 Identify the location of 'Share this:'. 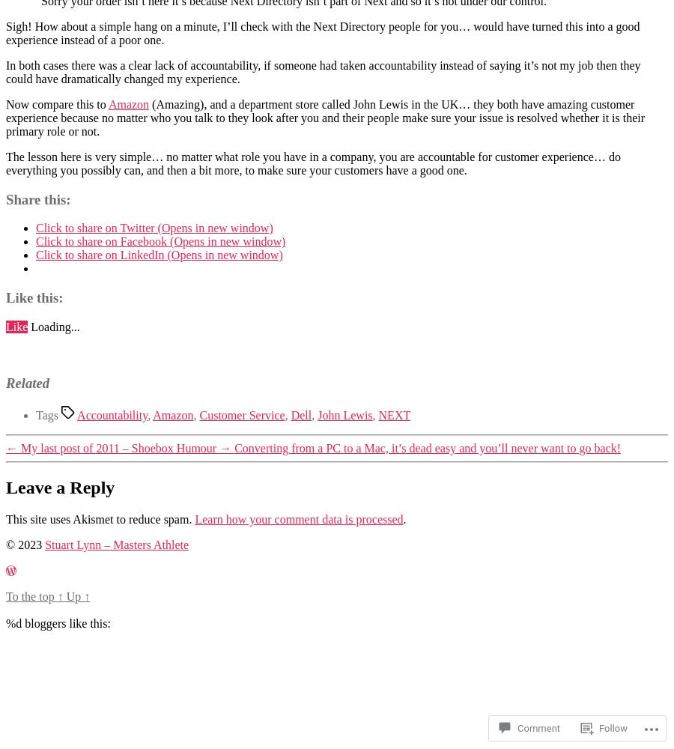
(37, 198).